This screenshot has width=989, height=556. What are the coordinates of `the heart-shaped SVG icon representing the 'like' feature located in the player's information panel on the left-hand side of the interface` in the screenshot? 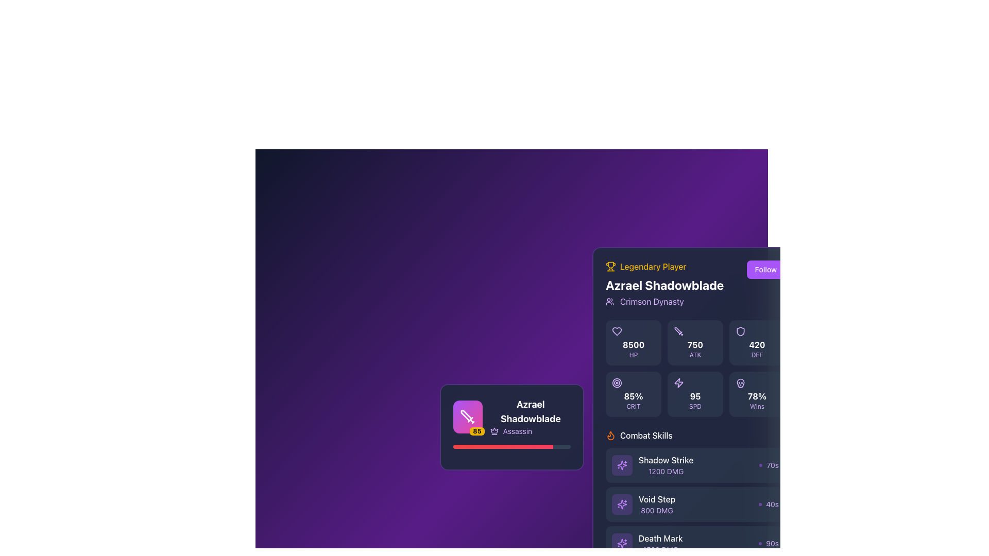 It's located at (617, 332).